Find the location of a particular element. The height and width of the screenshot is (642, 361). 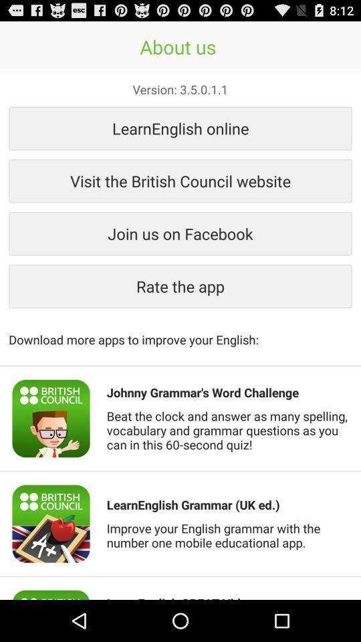

item below version 3 5 is located at coordinates (180, 128).